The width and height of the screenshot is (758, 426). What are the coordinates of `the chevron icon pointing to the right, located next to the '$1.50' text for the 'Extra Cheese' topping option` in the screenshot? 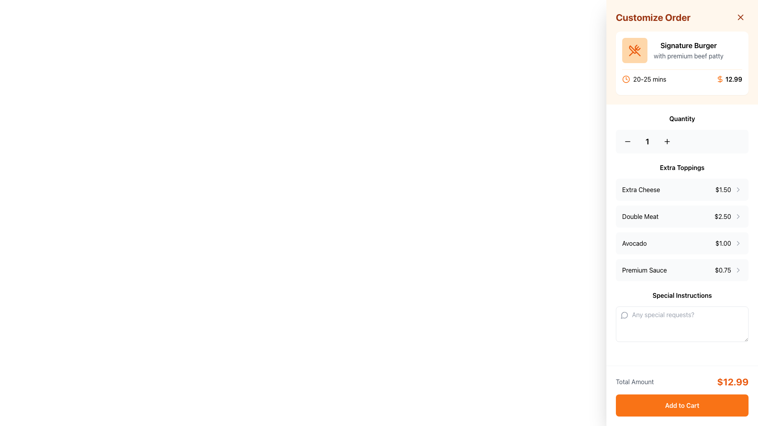 It's located at (738, 190).